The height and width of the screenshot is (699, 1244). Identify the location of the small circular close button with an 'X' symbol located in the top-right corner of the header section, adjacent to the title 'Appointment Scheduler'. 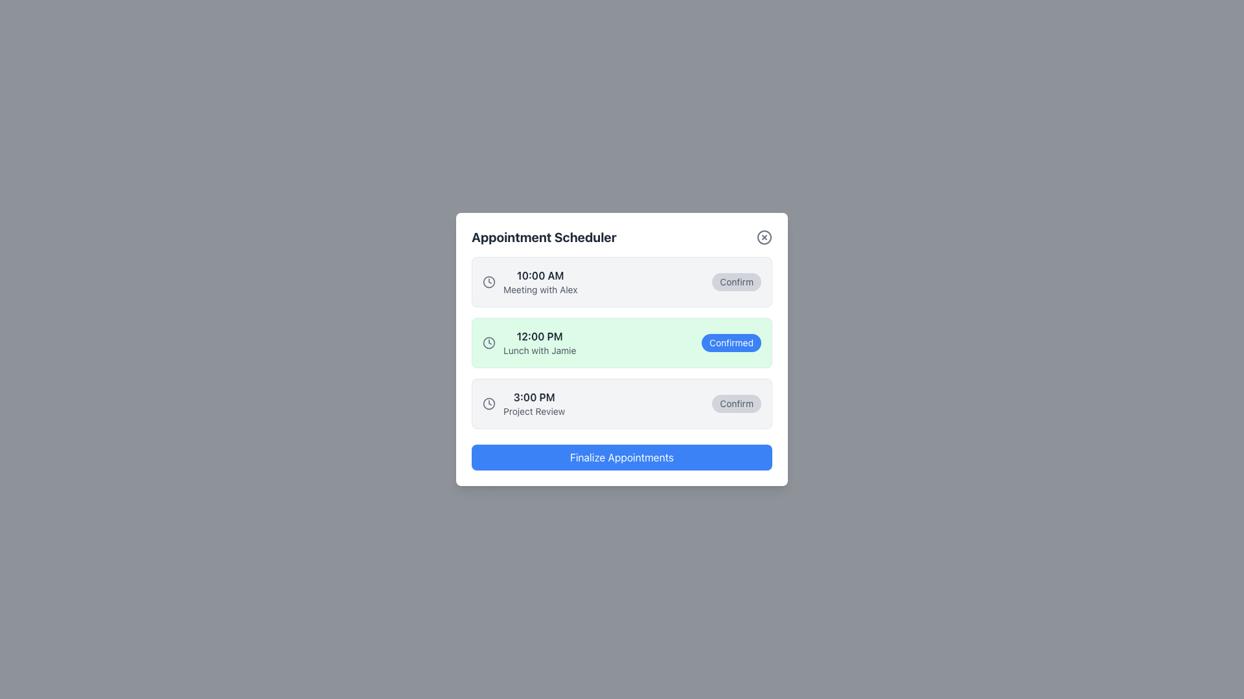
(765, 237).